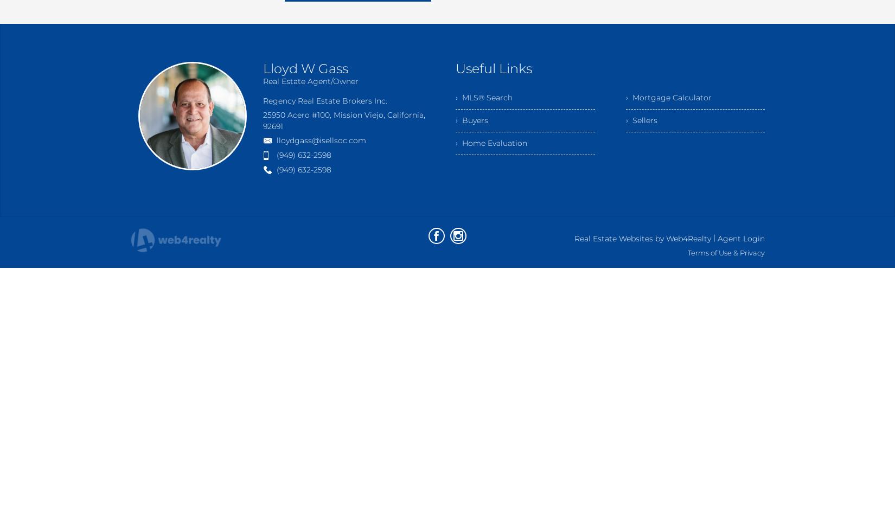  Describe the element at coordinates (484, 97) in the screenshot. I see `'›  MLS® Search'` at that location.